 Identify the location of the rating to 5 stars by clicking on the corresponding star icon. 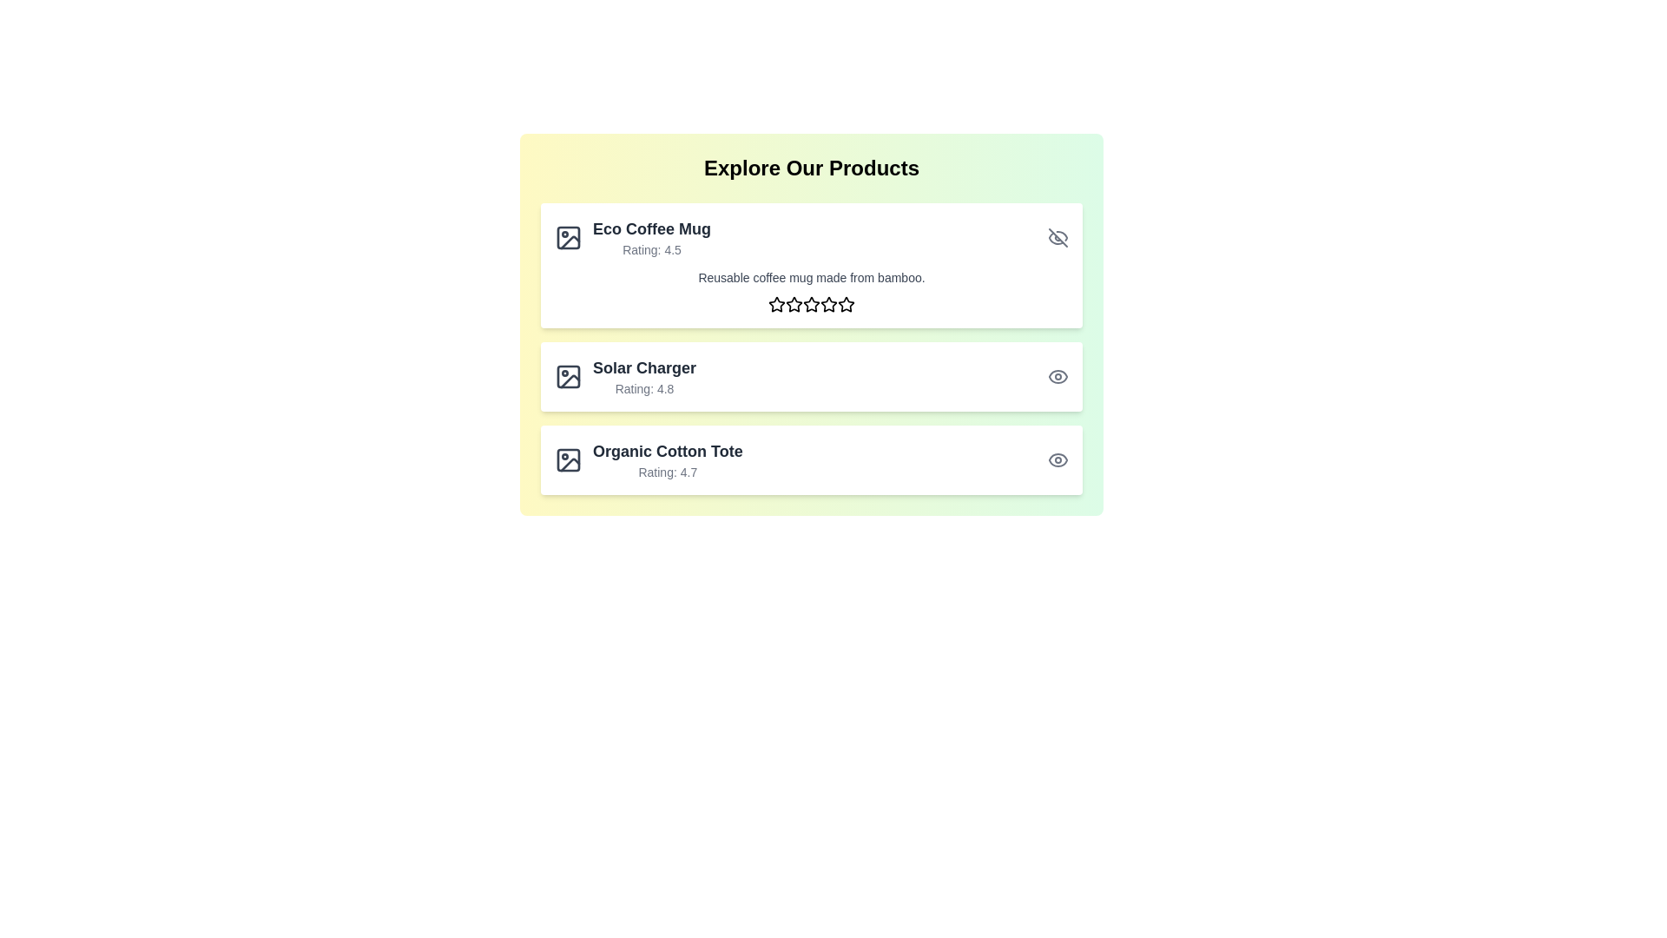
(846, 303).